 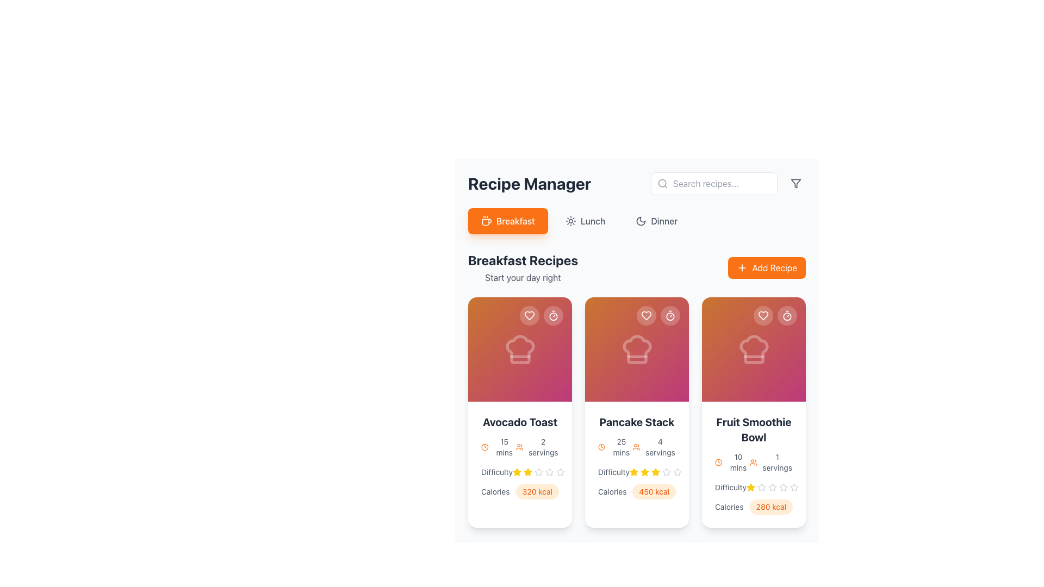 I want to click on the 'Difficulty' rating indicator element, which shows a highlighted star and is located in the 'Fruit Smoothie Bowl' recipe card under the 'Breakfast Recipes' section, so click(x=753, y=487).